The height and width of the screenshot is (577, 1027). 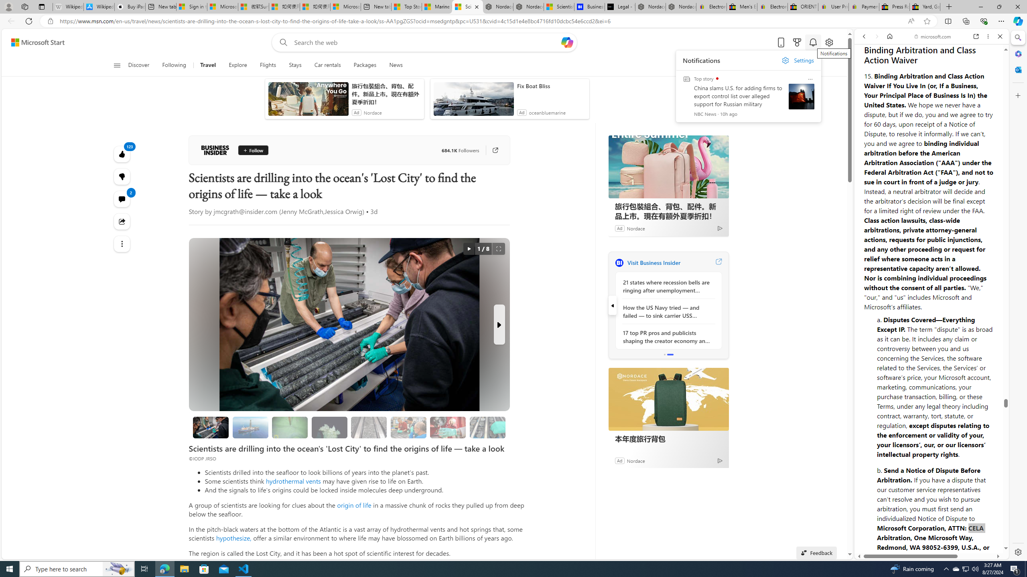 What do you see at coordinates (1017, 37) in the screenshot?
I see `'Minimize Search pane'` at bounding box center [1017, 37].